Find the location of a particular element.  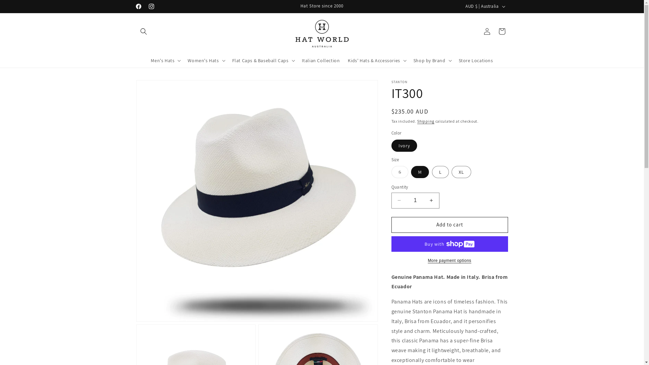

'Instagram' is located at coordinates (150, 6).